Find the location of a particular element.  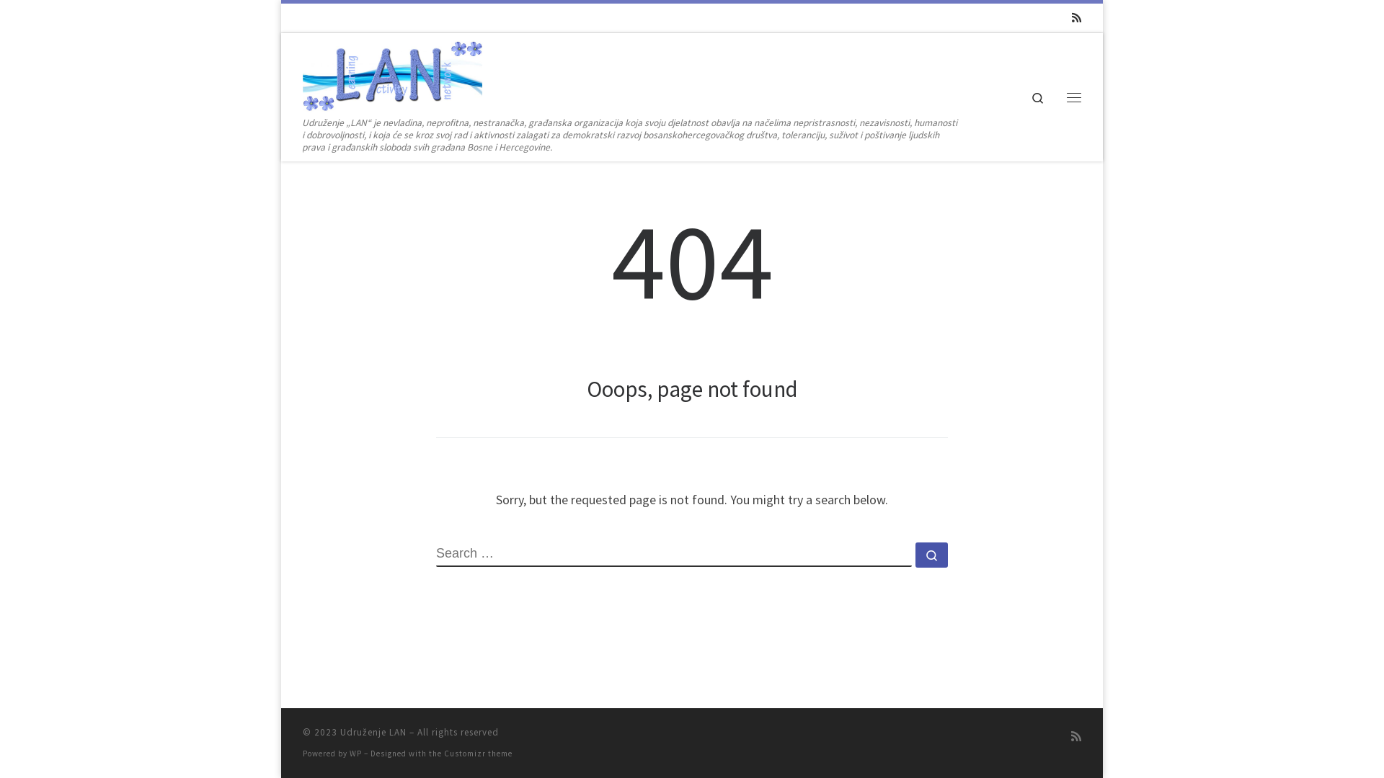

'Subscribe to my rss feed' is located at coordinates (1075, 736).